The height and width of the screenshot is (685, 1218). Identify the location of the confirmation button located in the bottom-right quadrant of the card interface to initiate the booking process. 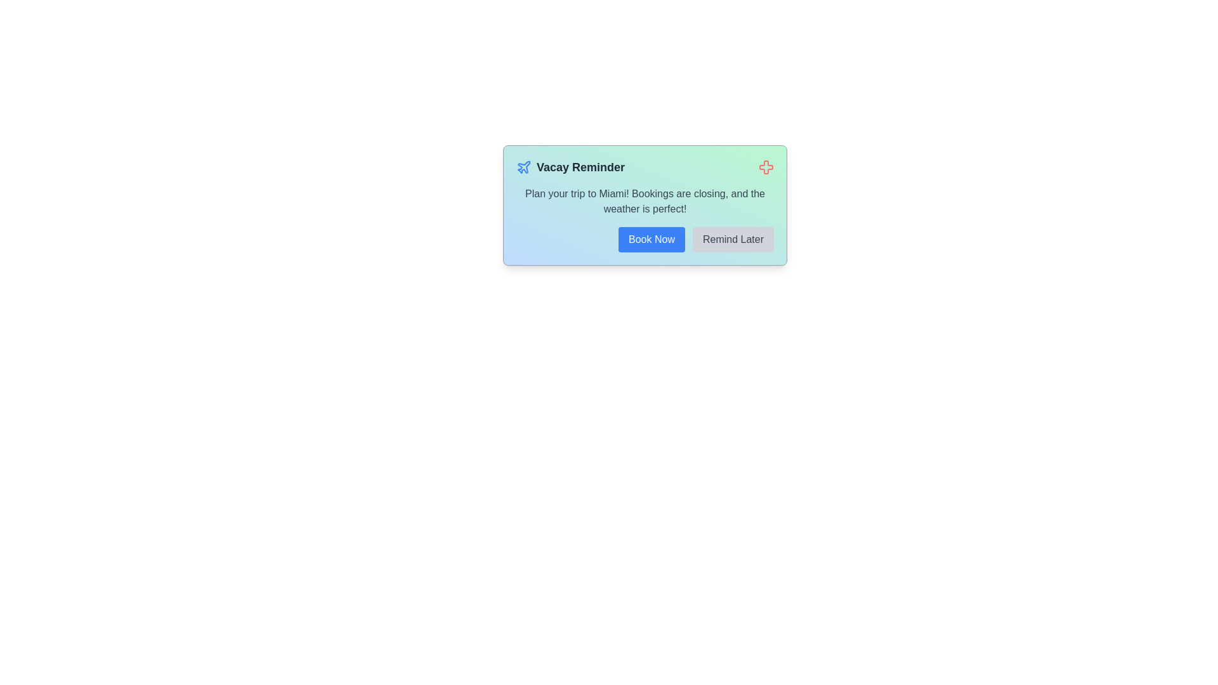
(652, 240).